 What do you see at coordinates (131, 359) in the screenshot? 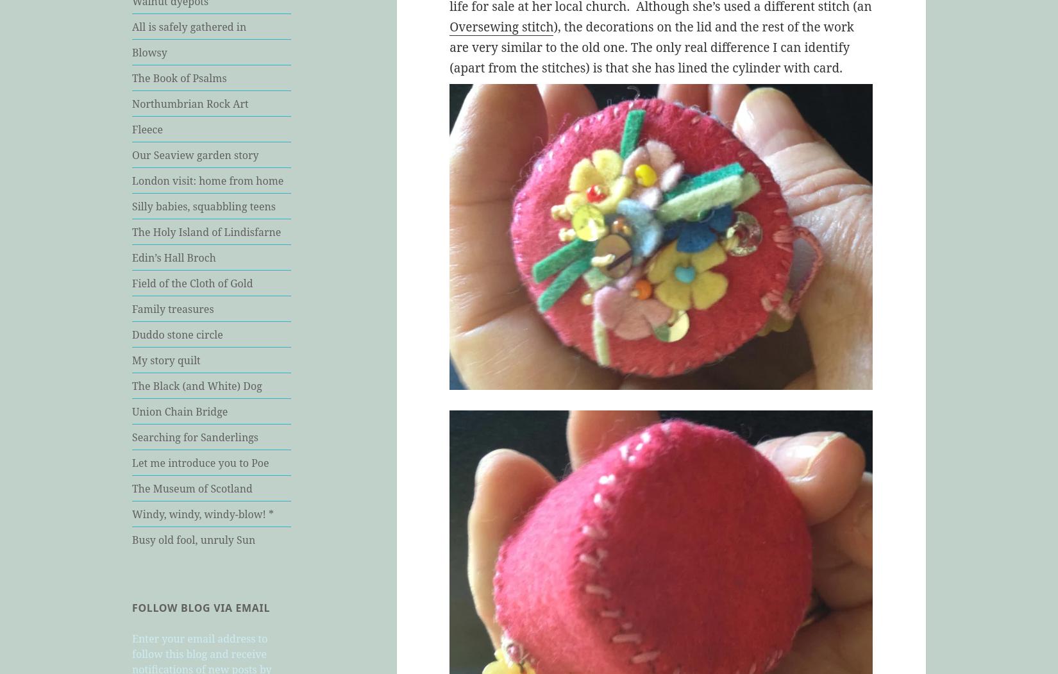
I see `'My story quilt'` at bounding box center [131, 359].